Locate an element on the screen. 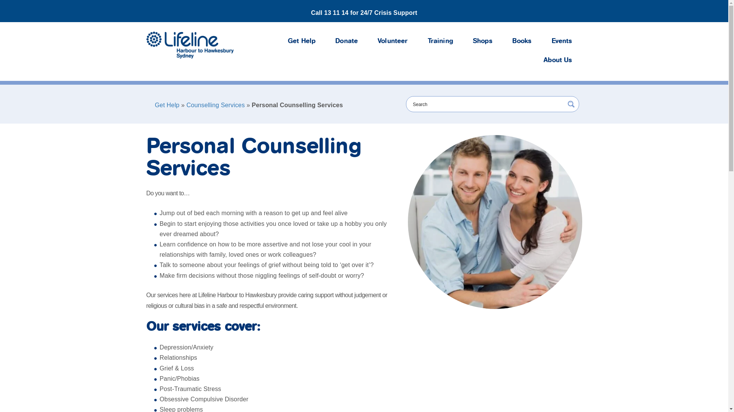 This screenshot has height=412, width=734. 'Volunteer' is located at coordinates (367, 41).